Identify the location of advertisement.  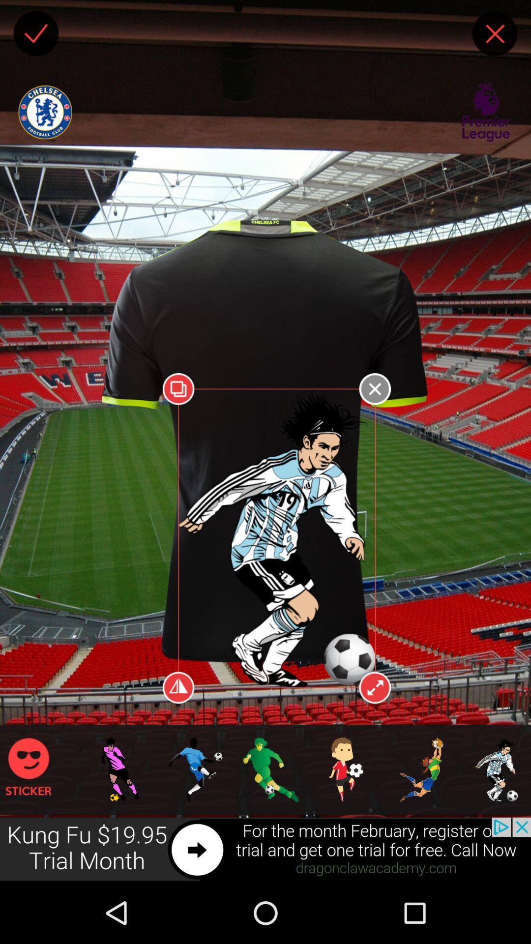
(265, 849).